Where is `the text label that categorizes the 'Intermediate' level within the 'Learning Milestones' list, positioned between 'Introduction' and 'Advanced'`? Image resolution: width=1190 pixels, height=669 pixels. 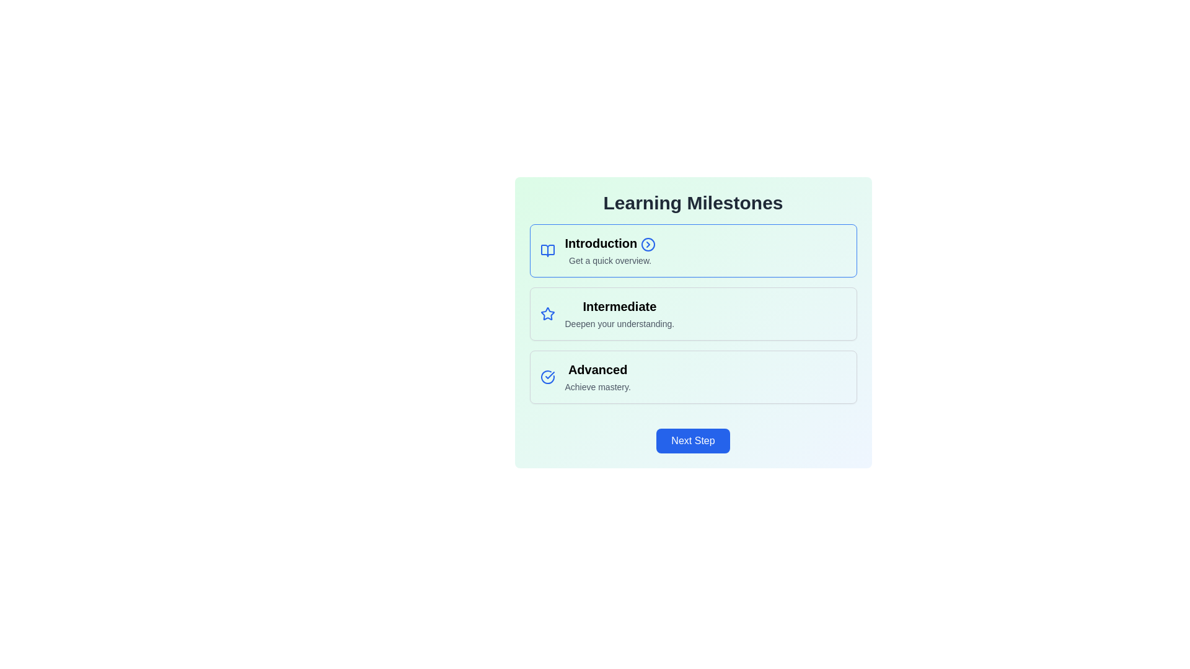 the text label that categorizes the 'Intermediate' level within the 'Learning Milestones' list, positioned between 'Introduction' and 'Advanced' is located at coordinates (619, 306).